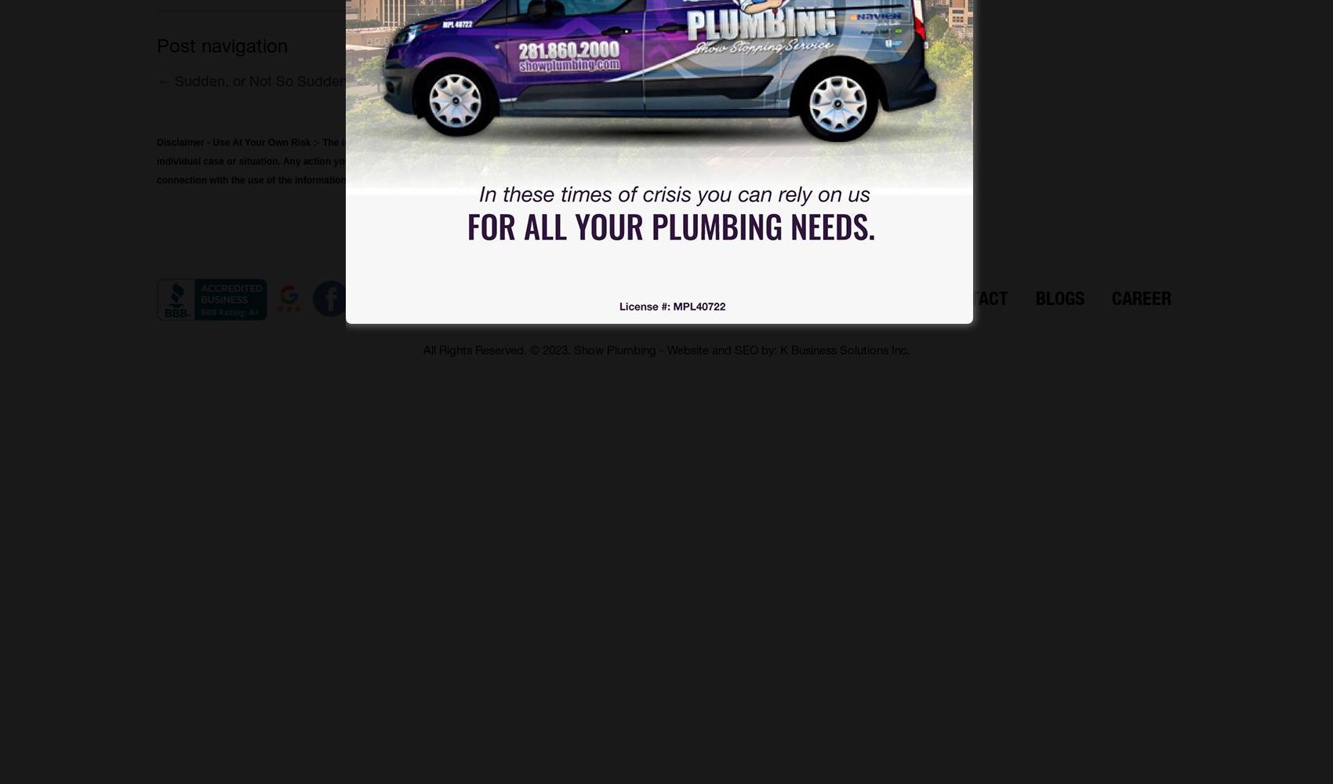  What do you see at coordinates (524, 161) in the screenshot?
I see `'Disclaimer - Use At Your Own Risk :- The information on this website is for general information purposes only. Nothing on this site should be taken as advice for any individual case or situation. Any action you take upon the information on these blogs are strictly at your own risk. We will not be liable for any losses or damages in connection with the use of the information from these blogs.'` at bounding box center [524, 161].